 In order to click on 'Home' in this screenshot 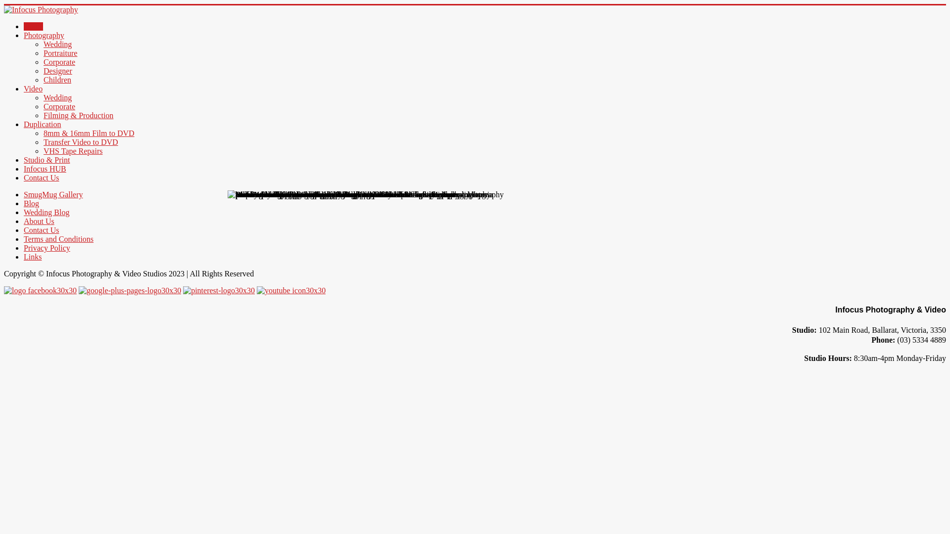, I will do `click(24, 26)`.